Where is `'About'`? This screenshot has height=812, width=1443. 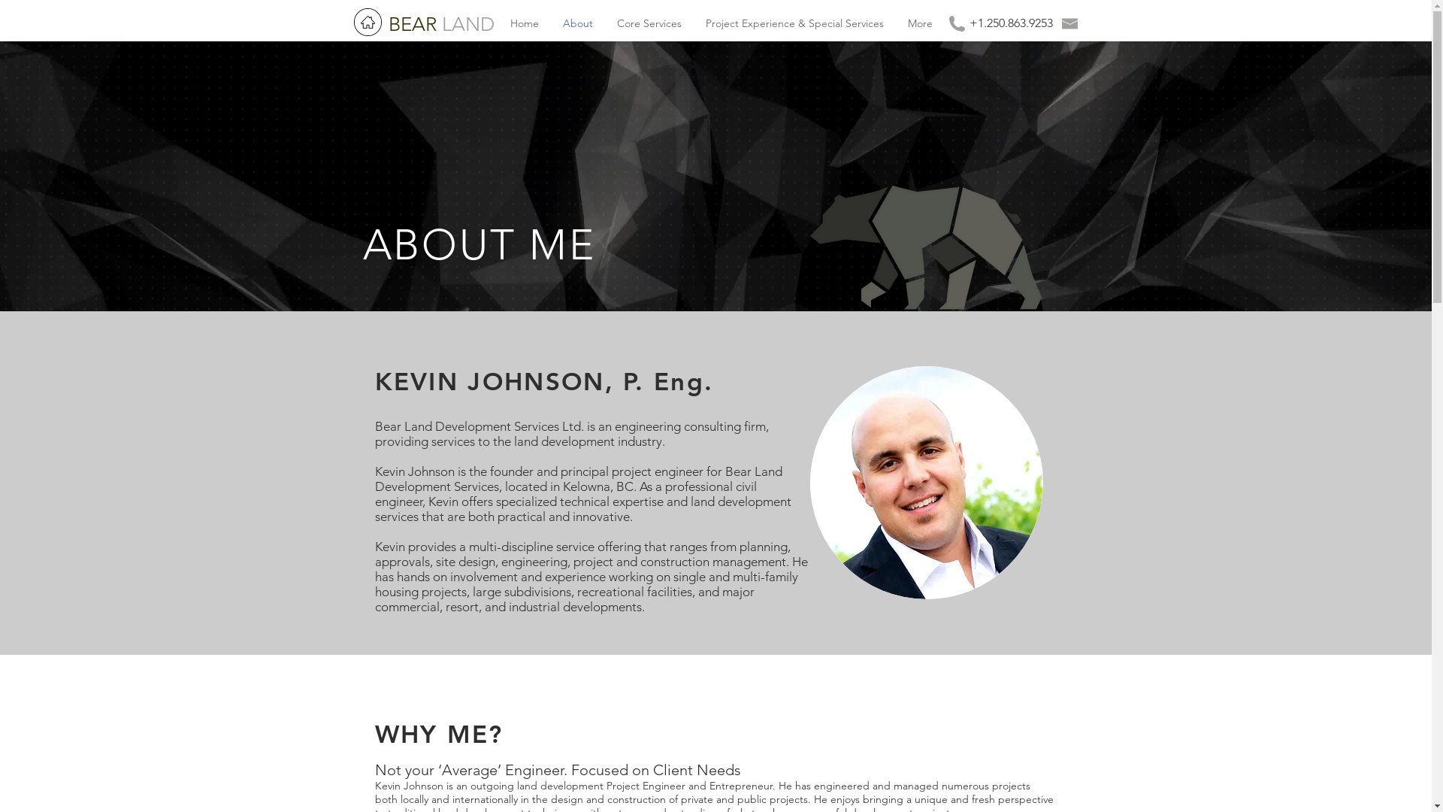 'About' is located at coordinates (576, 23).